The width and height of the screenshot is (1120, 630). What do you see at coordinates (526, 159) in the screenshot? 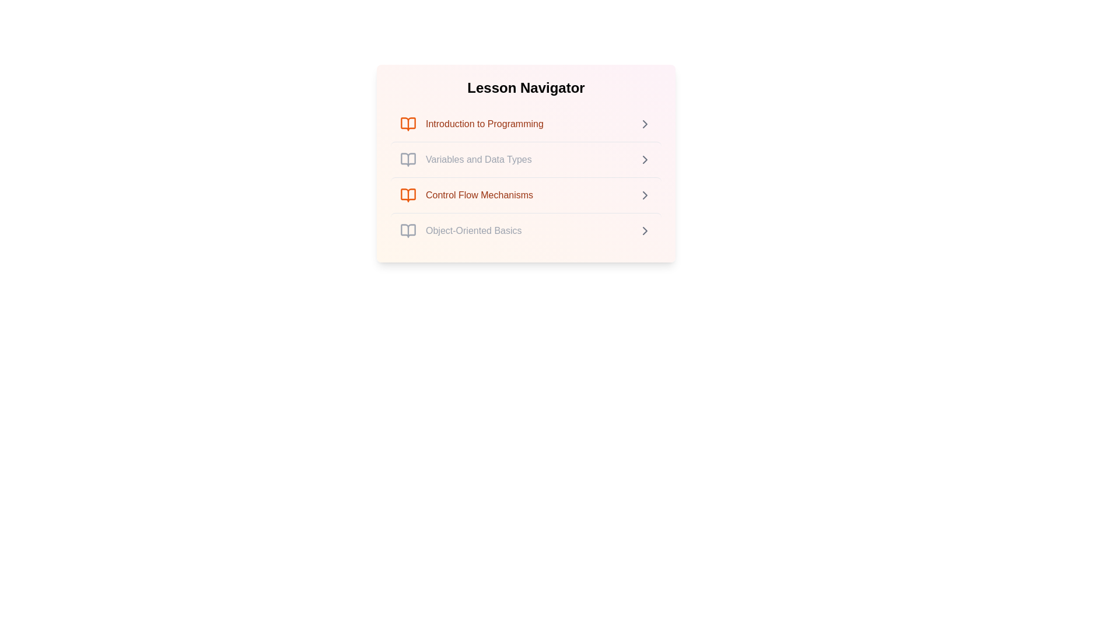
I see `the lesson item titled 'Variables and Data Types' to view its details` at bounding box center [526, 159].